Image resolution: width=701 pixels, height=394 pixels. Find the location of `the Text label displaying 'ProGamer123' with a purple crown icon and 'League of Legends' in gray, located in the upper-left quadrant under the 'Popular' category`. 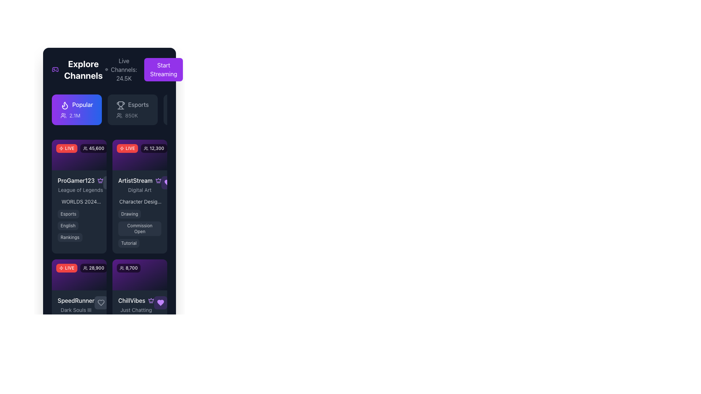

the Text label displaying 'ProGamer123' with a purple crown icon and 'League of Legends' in gray, located in the upper-left quadrant under the 'Popular' category is located at coordinates (80, 185).